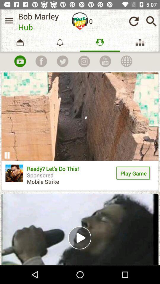 The height and width of the screenshot is (284, 160). Describe the element at coordinates (140, 42) in the screenshot. I see `the icon below the search icon` at that location.